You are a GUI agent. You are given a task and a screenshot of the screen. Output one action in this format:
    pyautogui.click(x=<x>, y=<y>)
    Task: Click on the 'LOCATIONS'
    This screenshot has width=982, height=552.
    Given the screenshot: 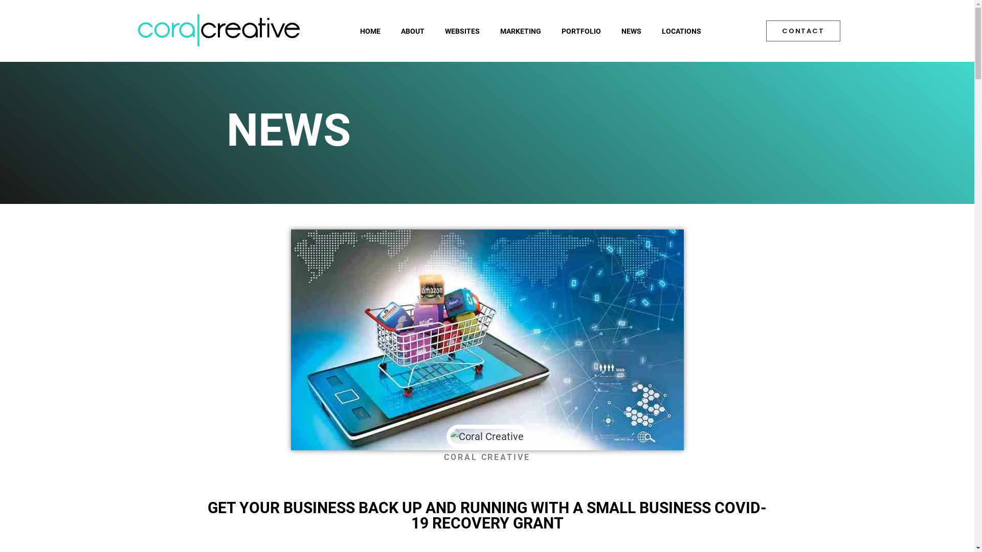 What is the action you would take?
    pyautogui.click(x=681, y=31)
    